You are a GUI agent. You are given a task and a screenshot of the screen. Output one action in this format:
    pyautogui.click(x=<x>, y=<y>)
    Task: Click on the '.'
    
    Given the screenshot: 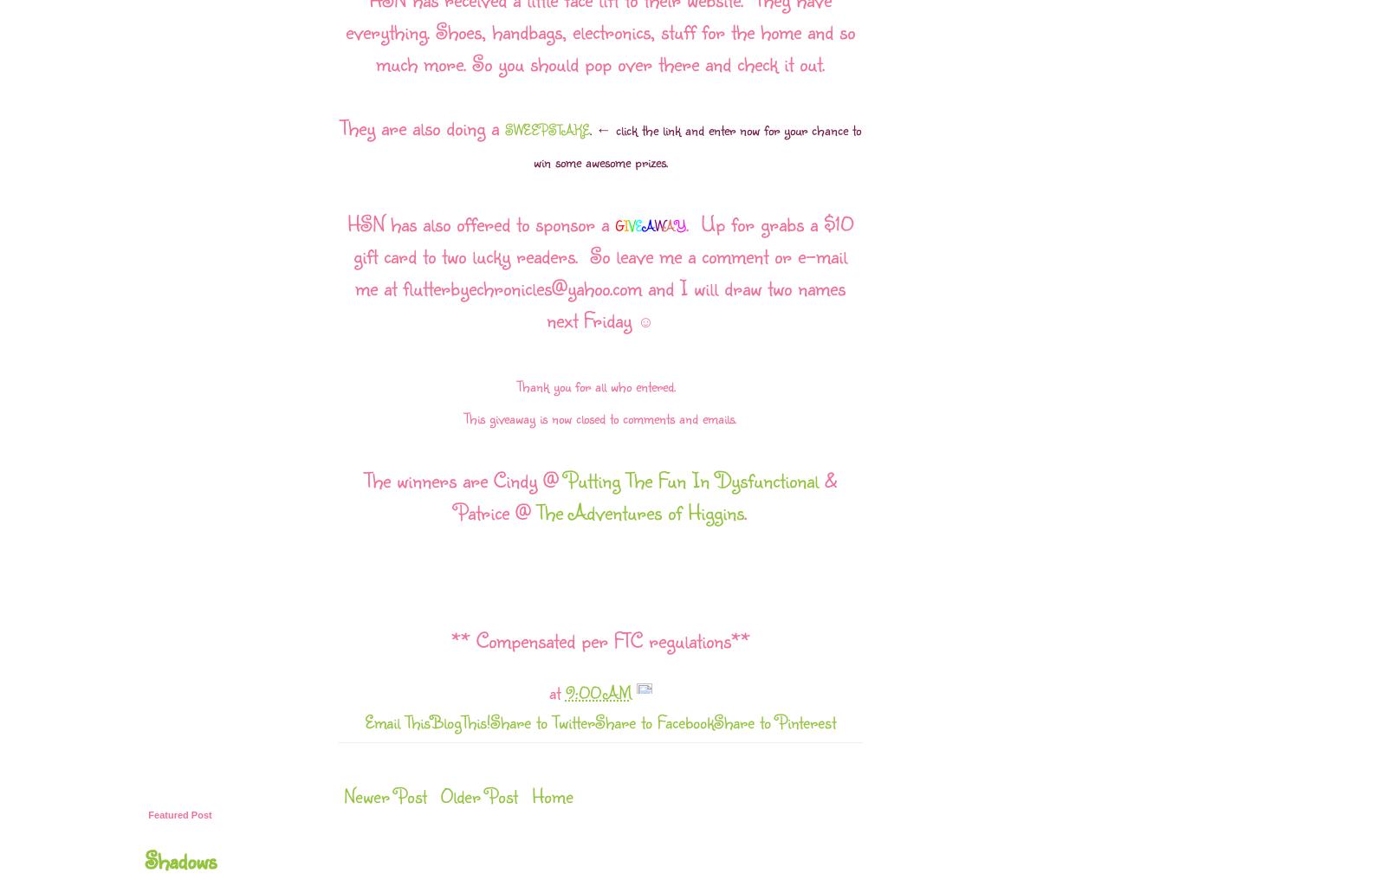 What is the action you would take?
    pyautogui.click(x=743, y=510)
    